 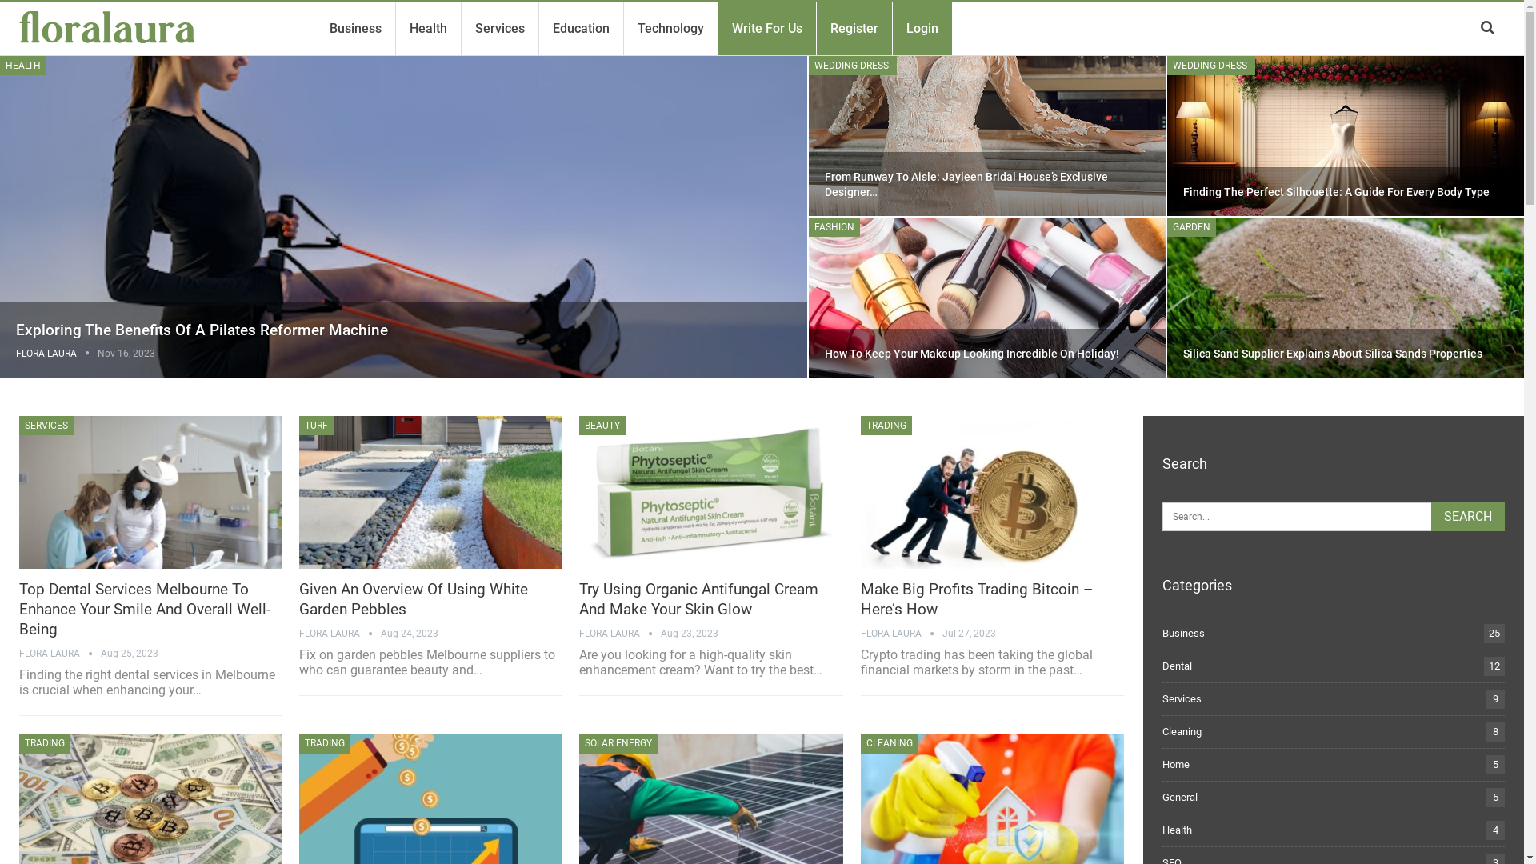 I want to click on 'Technology', so click(x=670, y=28).